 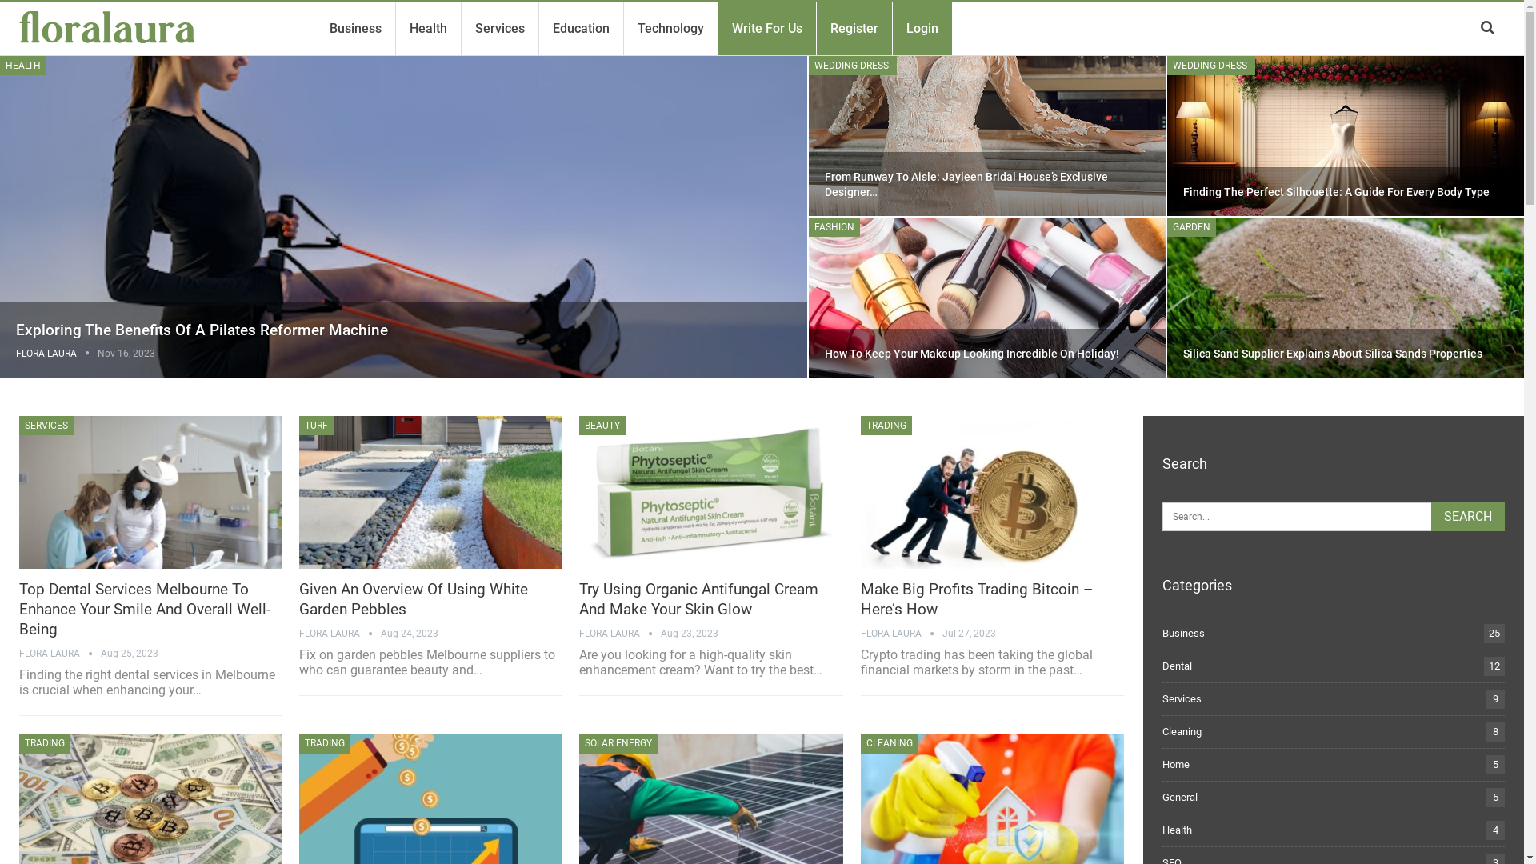 I want to click on 'Technology', so click(x=670, y=28).